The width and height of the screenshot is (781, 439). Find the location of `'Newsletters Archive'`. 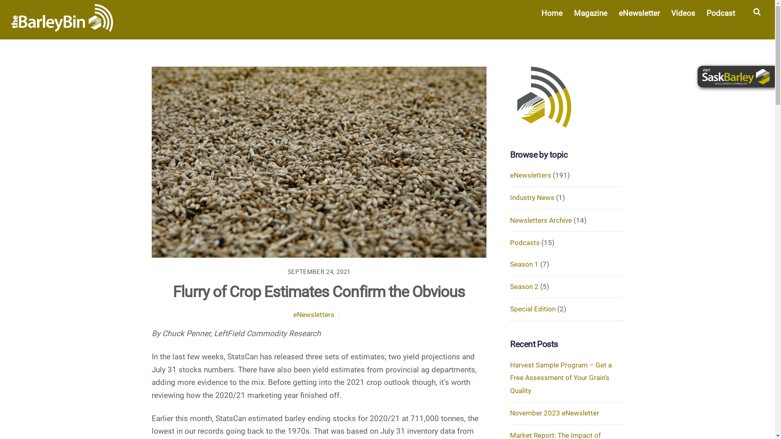

'Newsletters Archive' is located at coordinates (541, 220).